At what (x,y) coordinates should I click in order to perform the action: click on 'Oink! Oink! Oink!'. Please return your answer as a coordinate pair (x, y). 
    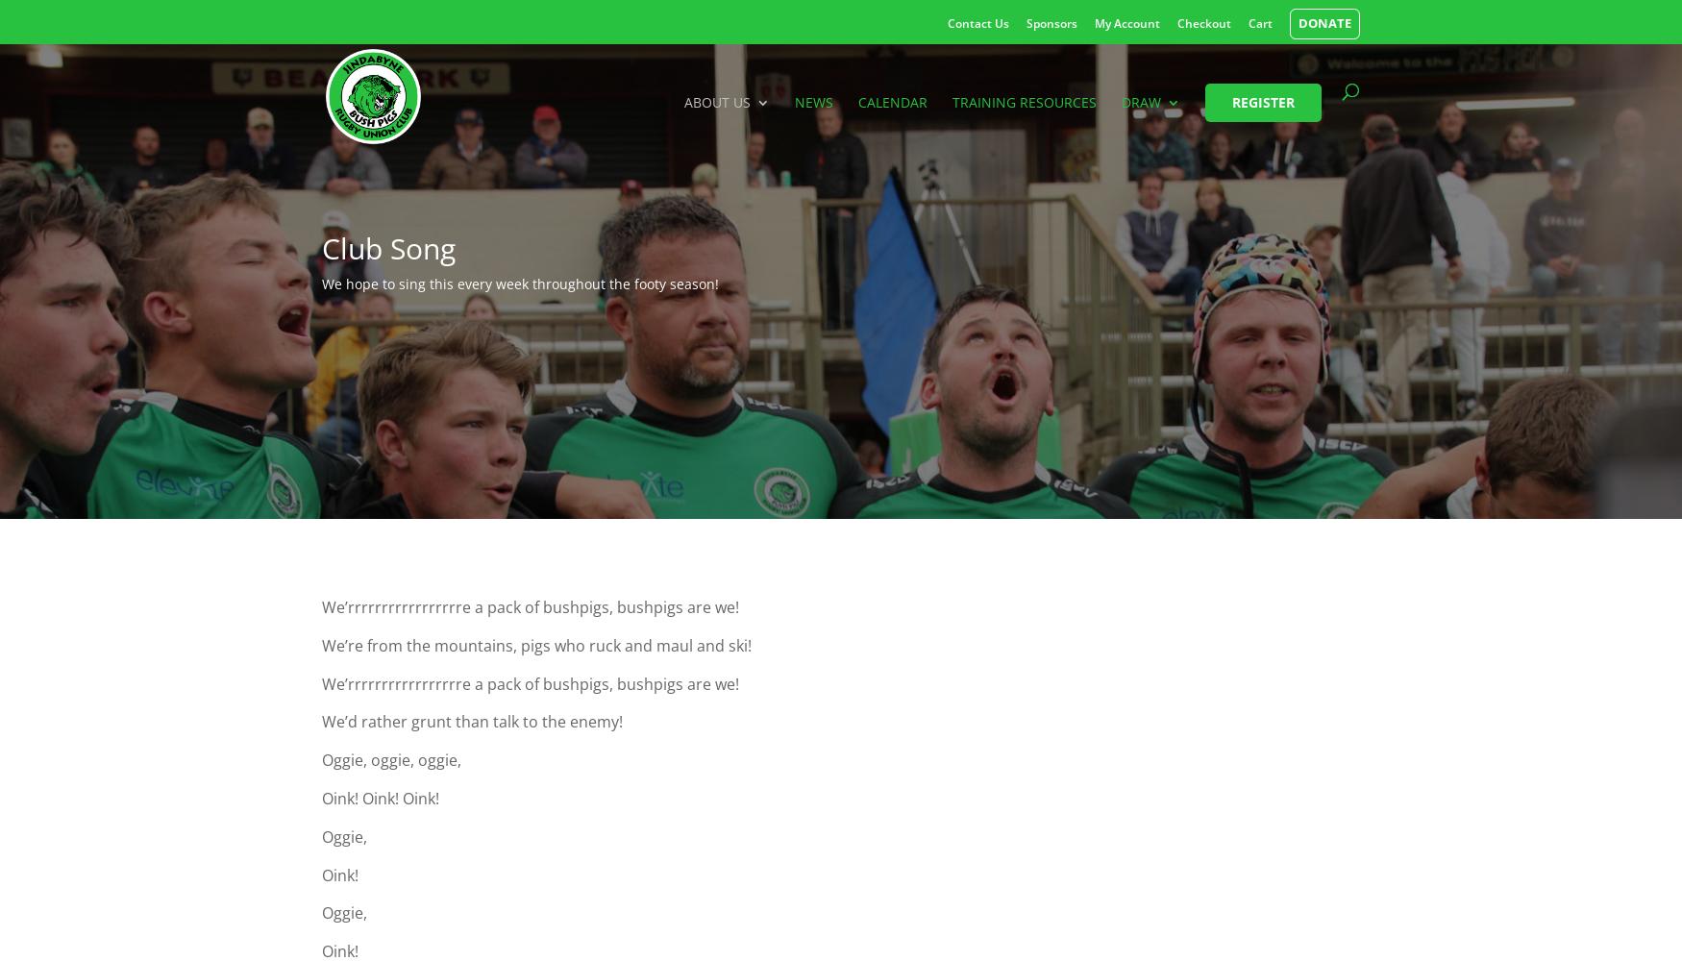
    Looking at the image, I should click on (380, 797).